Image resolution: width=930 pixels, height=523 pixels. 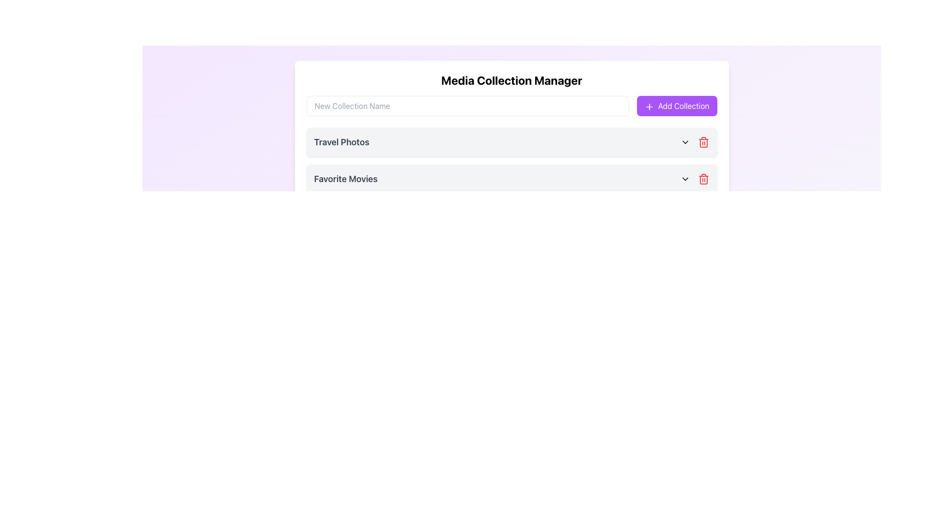 I want to click on the chevron icon shaped as a downward-pointing arrow located beside the 'Favorite Movies' list item, so click(x=684, y=179).